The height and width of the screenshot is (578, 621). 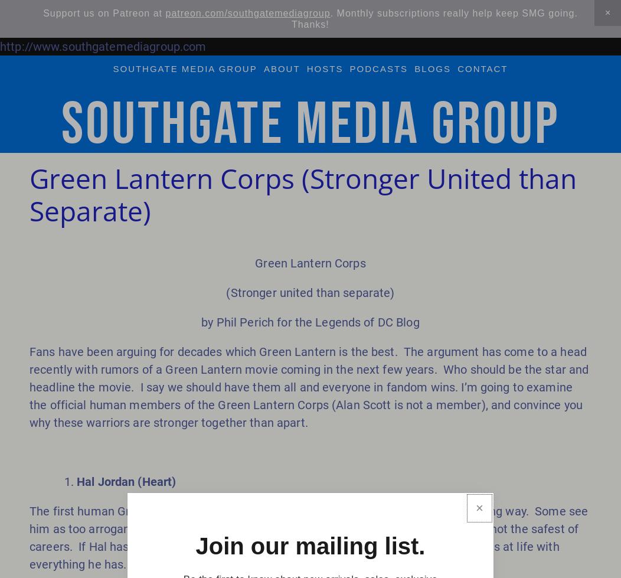 I want to click on 'hosts', so click(x=324, y=68).